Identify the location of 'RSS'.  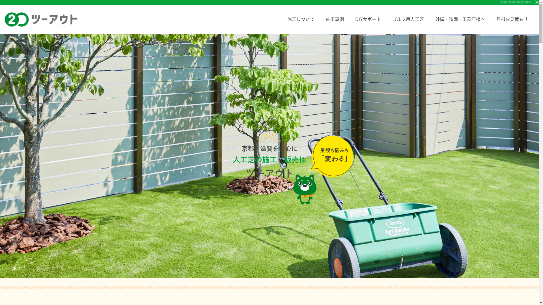
(536, 2).